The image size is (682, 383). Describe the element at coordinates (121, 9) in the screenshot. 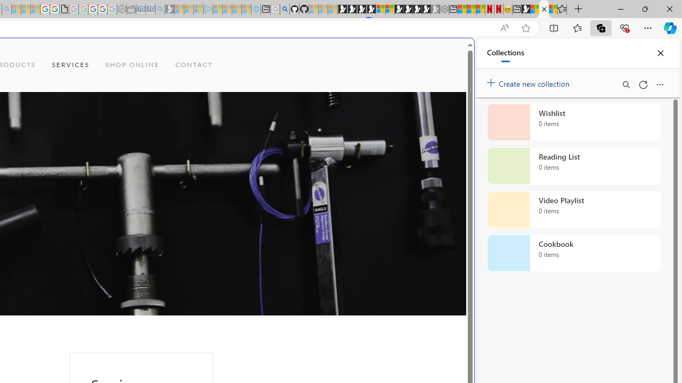

I see `'Settings - Sleeping'` at that location.